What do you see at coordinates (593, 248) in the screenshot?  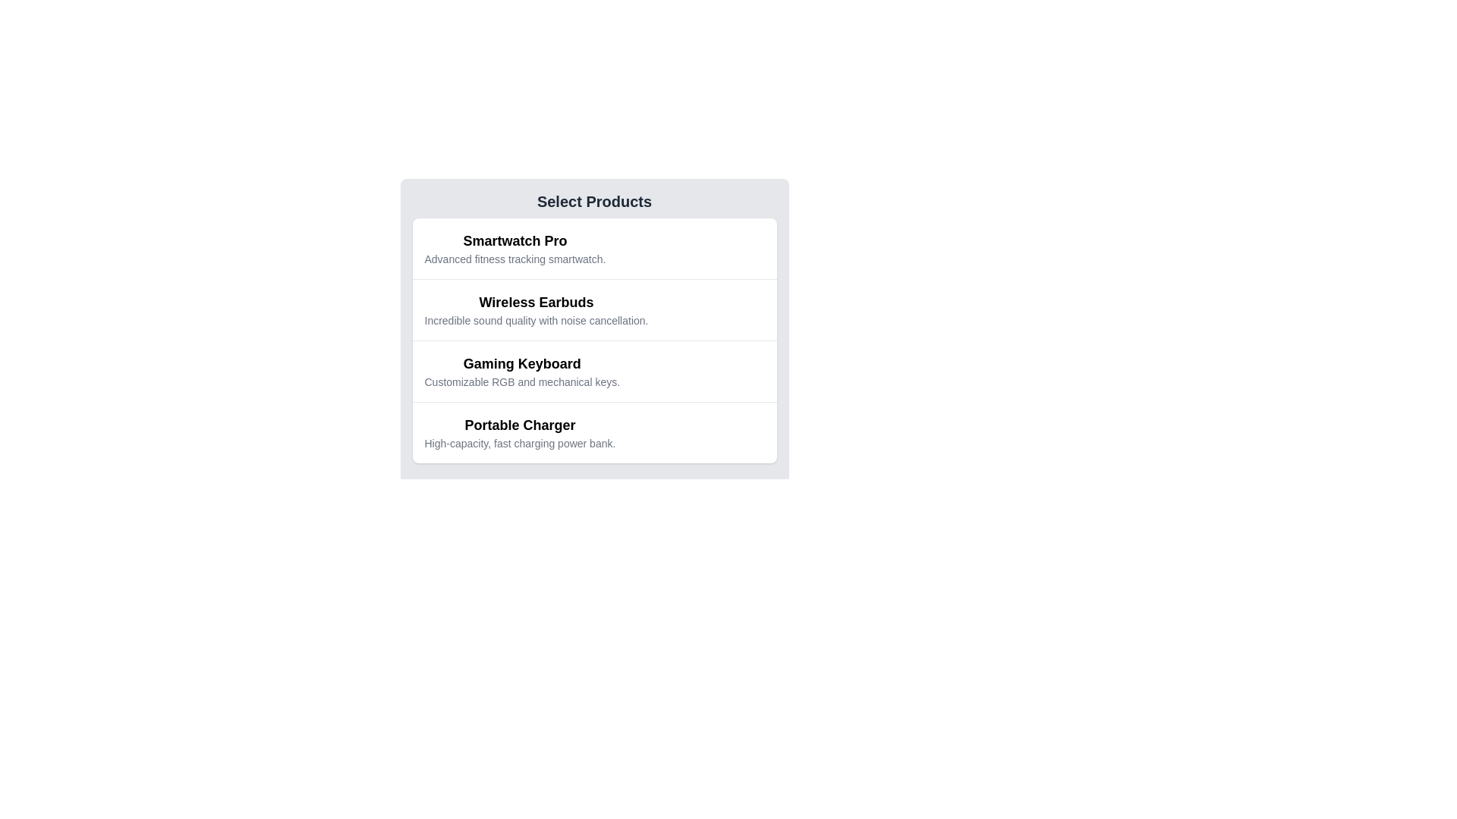 I see `the first list item displaying 'Smartwatch Pro'` at bounding box center [593, 248].